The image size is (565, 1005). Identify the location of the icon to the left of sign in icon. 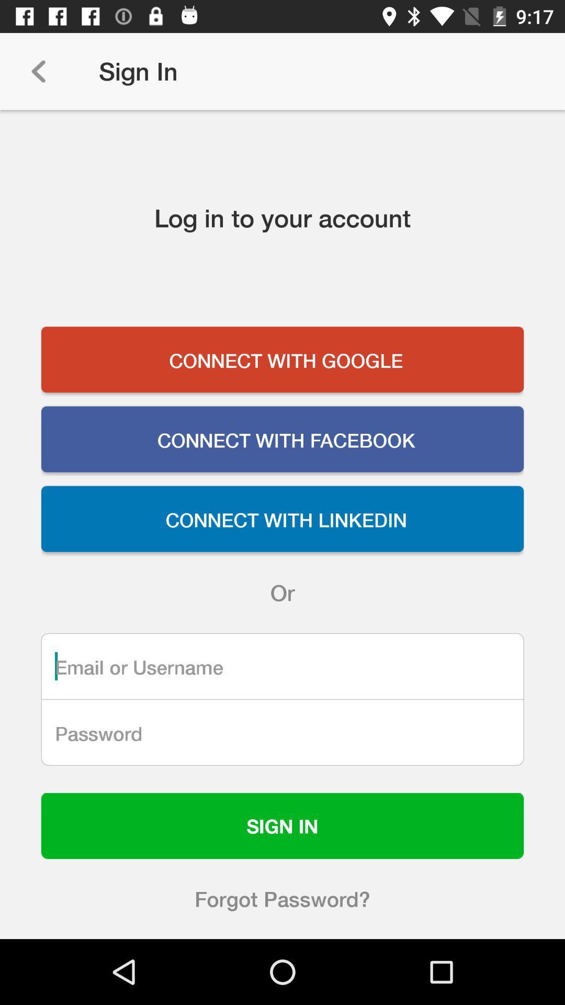
(38, 71).